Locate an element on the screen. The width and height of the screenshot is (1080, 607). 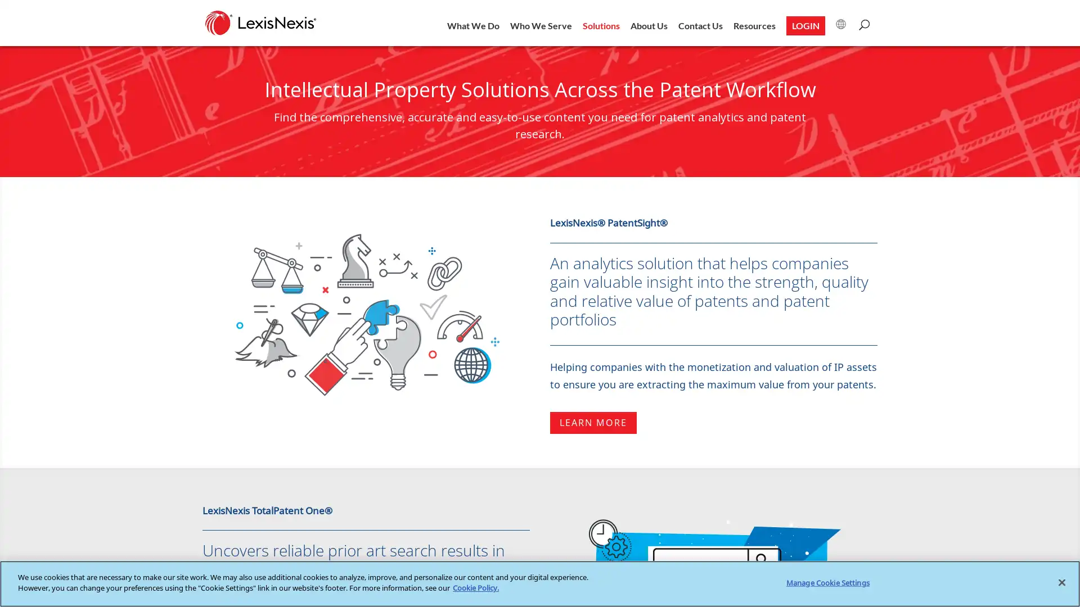
Close is located at coordinates (1061, 582).